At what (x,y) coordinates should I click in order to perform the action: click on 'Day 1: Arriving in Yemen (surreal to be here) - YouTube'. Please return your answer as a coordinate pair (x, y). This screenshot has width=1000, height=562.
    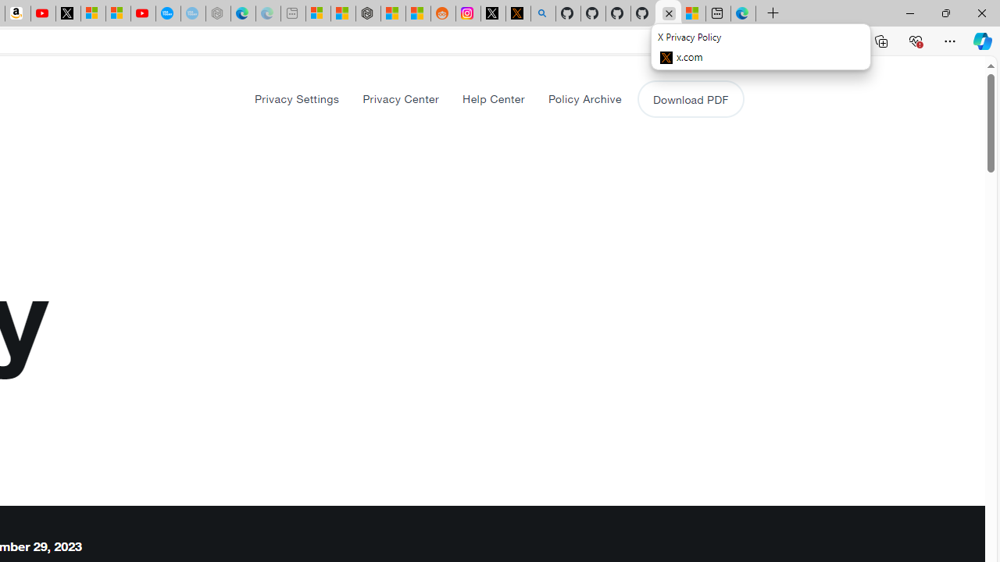
    Looking at the image, I should click on (43, 13).